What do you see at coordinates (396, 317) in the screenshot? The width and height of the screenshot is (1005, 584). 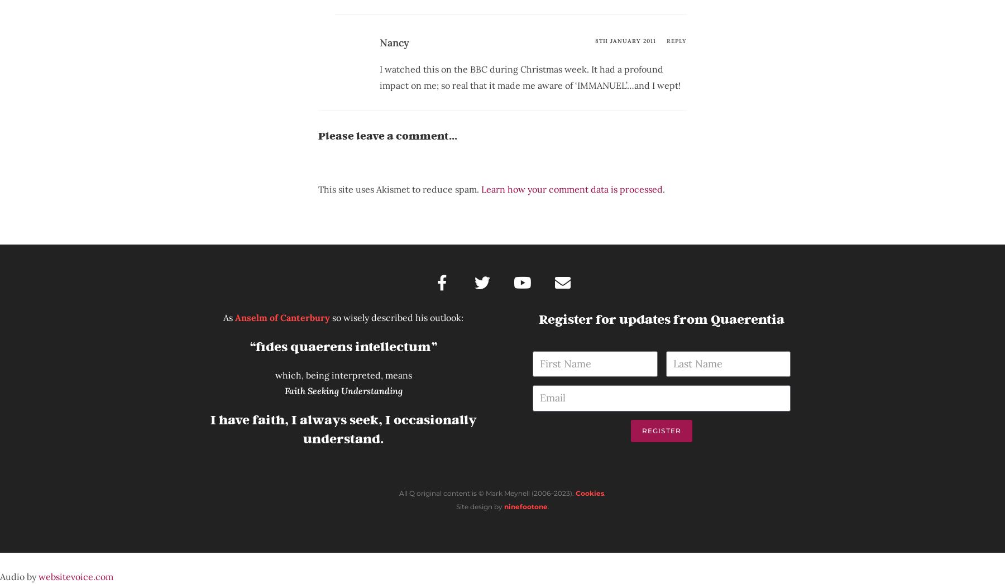 I see `'so wisely described his outlook:'` at bounding box center [396, 317].